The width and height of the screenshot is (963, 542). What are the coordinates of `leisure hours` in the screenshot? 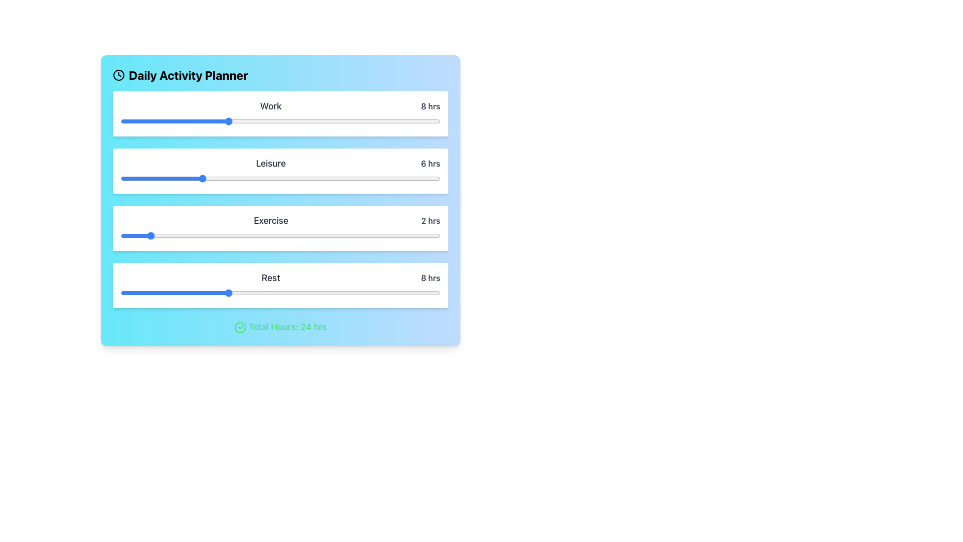 It's located at (293, 178).